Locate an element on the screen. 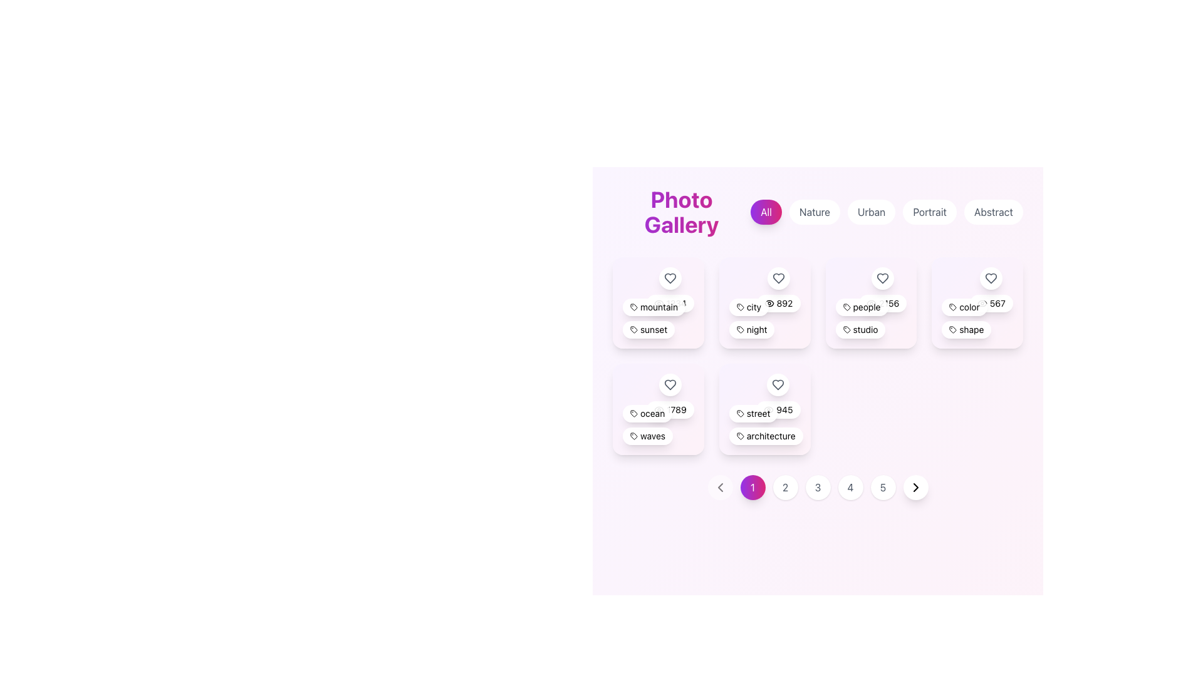 The height and width of the screenshot is (676, 1203). the 'previous page' navigation button located in the pagination control at the bottom right of the interface is located at coordinates (720, 486).